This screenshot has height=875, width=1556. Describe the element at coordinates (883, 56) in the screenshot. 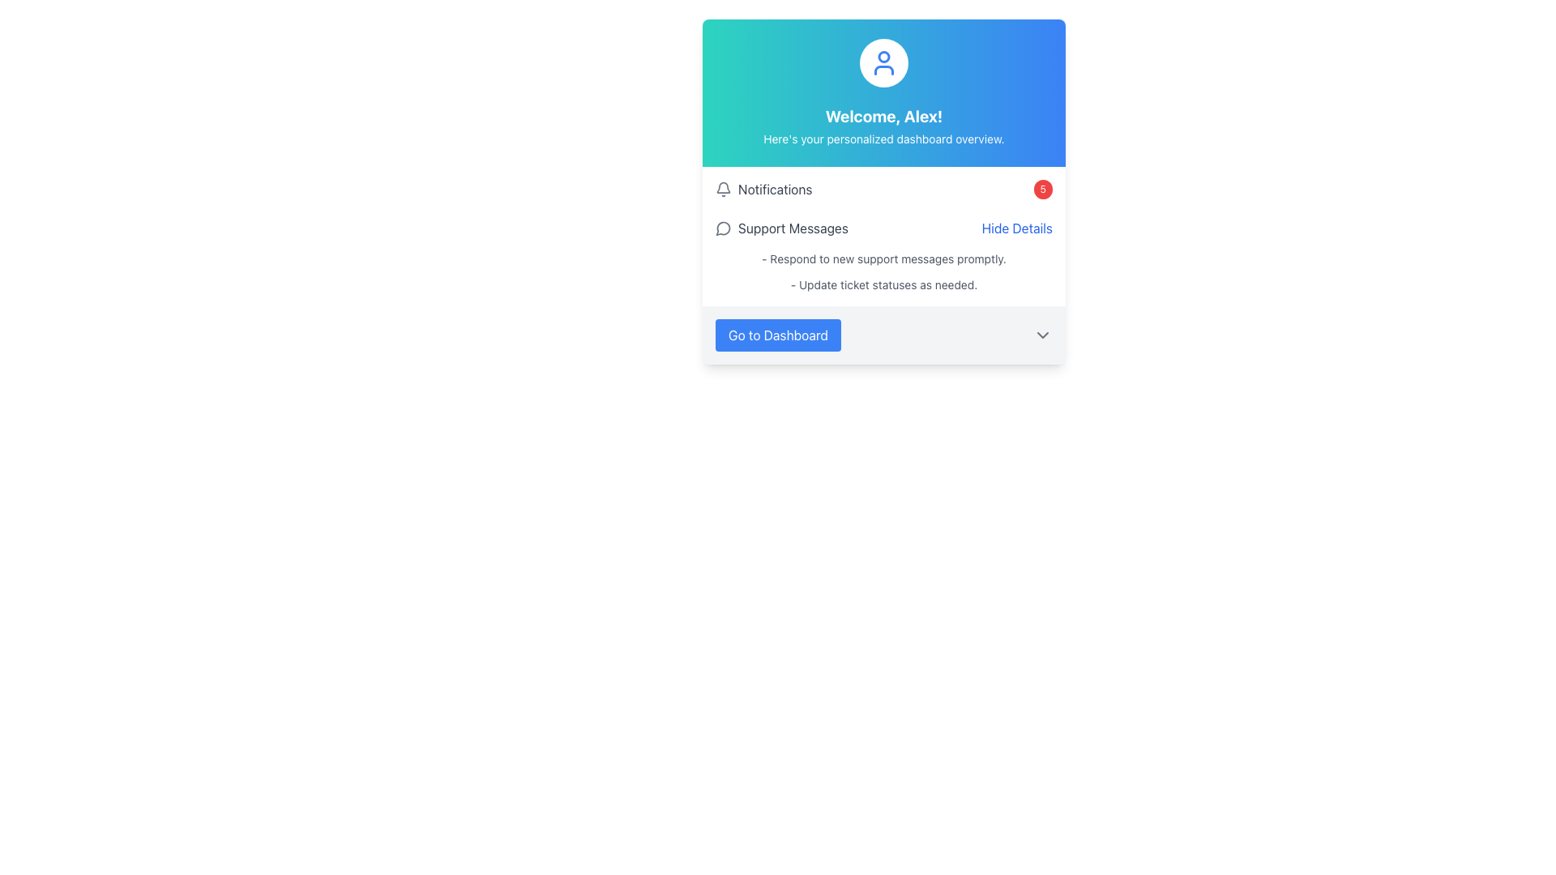

I see `the Circle element in the SVG graphic representing a user profile, located at the top-center of the card element` at that location.